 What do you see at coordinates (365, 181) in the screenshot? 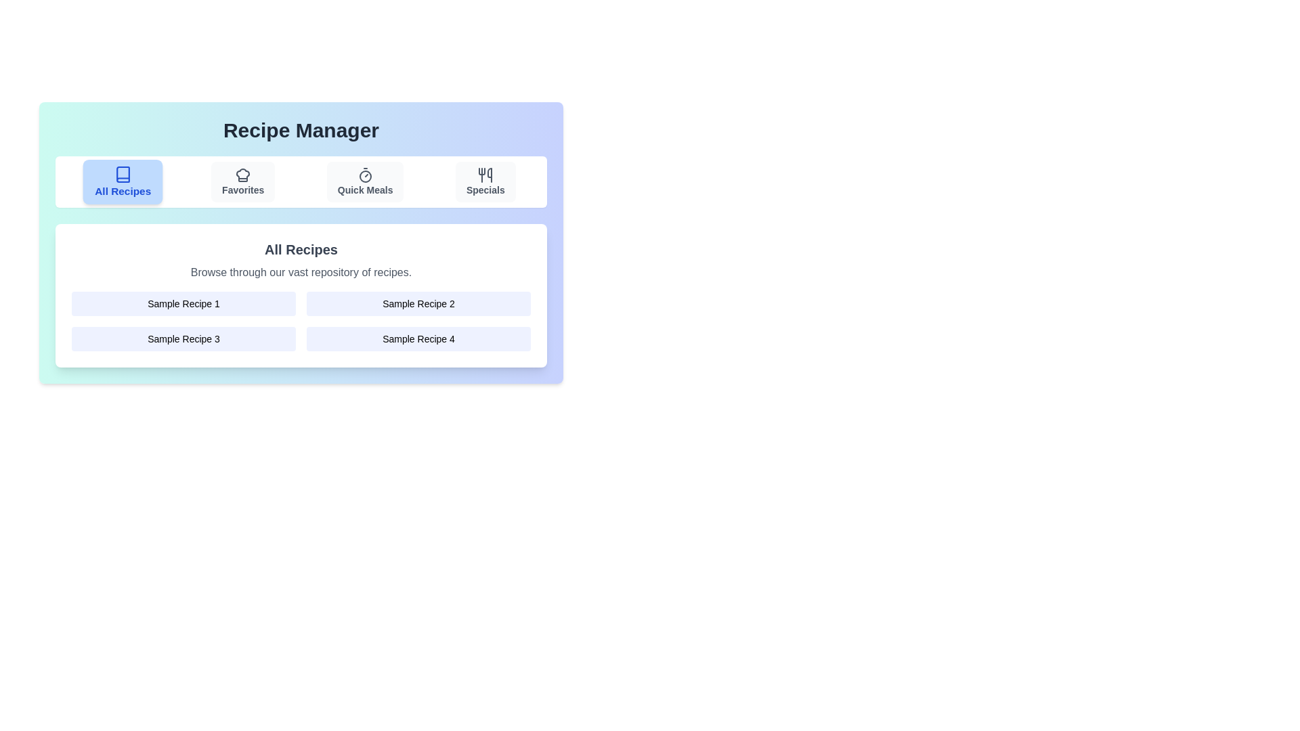
I see `the tab labeled Quick Meals to switch to it` at bounding box center [365, 181].